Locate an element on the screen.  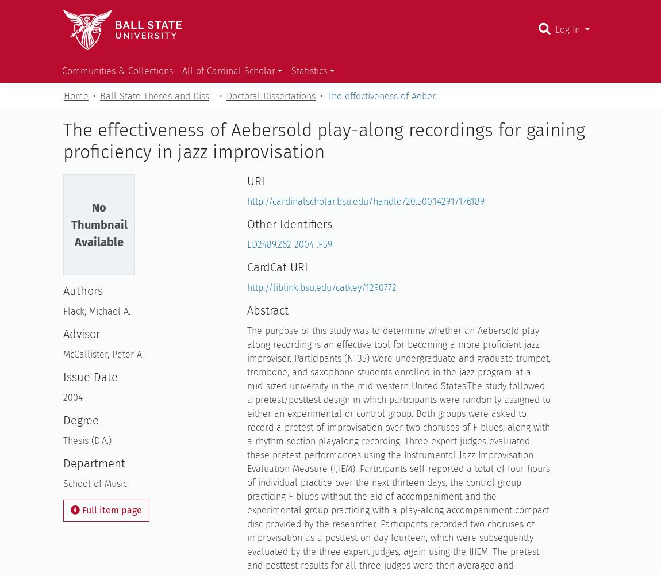
'Communities & Collections' is located at coordinates (117, 70).